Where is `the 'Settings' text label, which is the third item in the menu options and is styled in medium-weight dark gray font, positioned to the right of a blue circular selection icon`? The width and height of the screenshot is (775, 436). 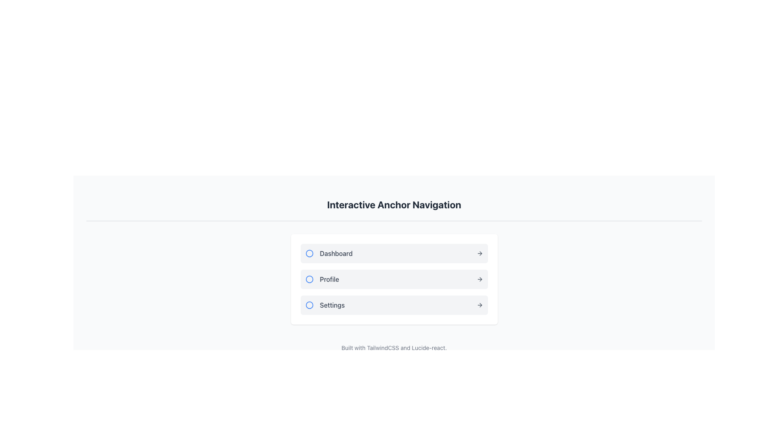 the 'Settings' text label, which is the third item in the menu options and is styled in medium-weight dark gray font, positioned to the right of a blue circular selection icon is located at coordinates (325, 305).